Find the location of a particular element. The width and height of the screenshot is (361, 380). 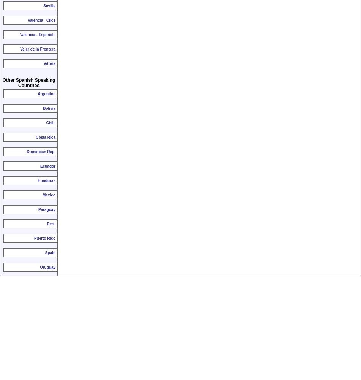

'Mexico' is located at coordinates (49, 195).